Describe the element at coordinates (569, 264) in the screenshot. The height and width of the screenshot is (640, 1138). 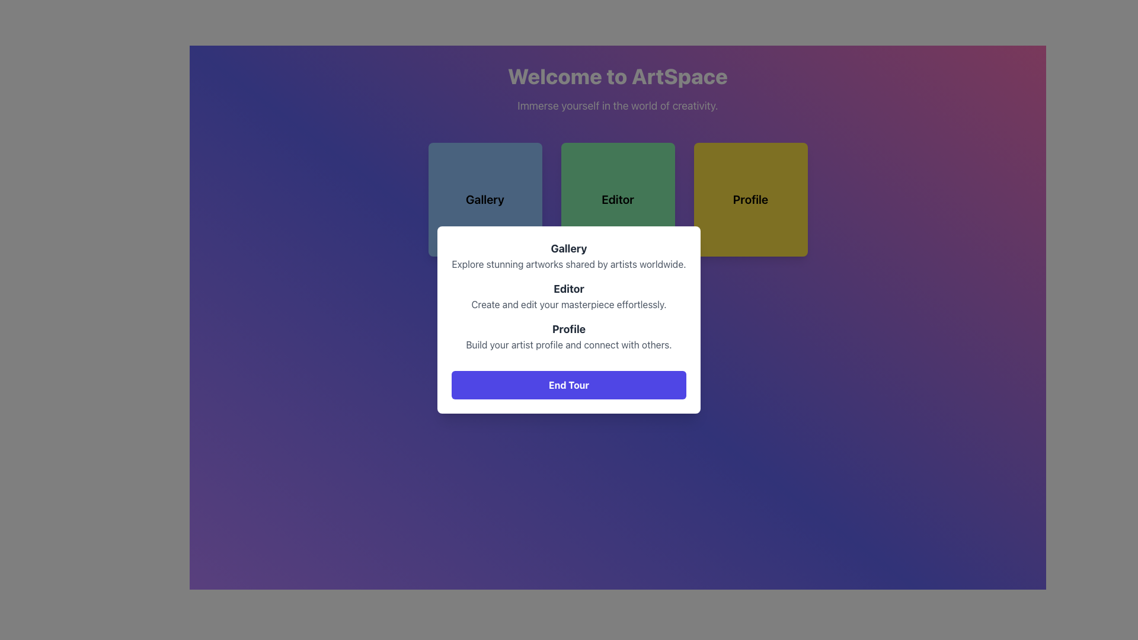
I see `the descriptive text located beneath the 'Gallery' heading in the modal window, which is styled in gray and has normal font weight` at that location.